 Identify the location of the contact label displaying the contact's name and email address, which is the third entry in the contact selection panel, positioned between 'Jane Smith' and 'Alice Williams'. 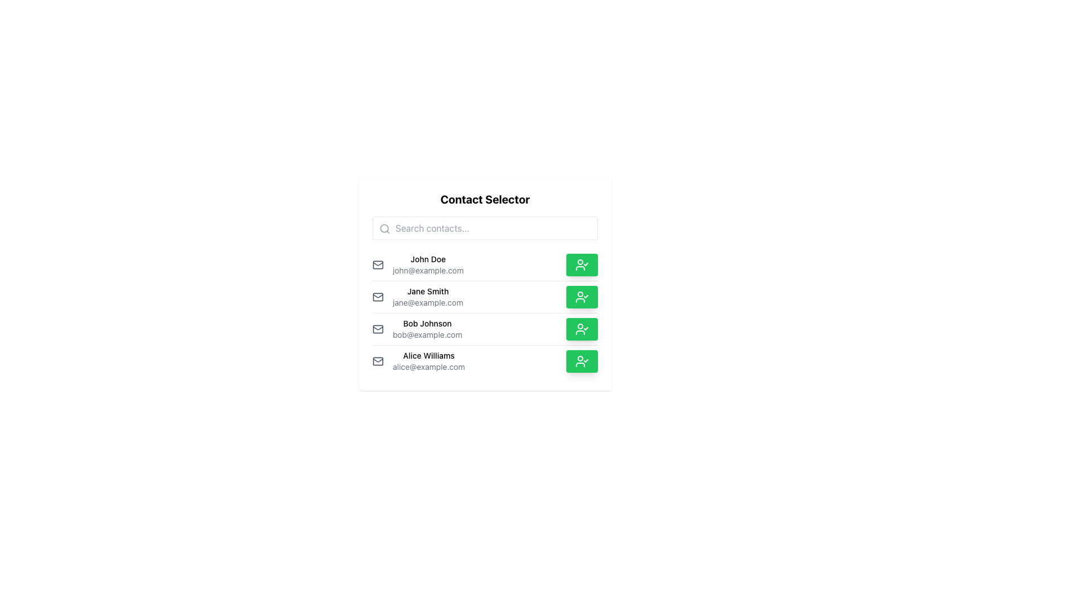
(427, 329).